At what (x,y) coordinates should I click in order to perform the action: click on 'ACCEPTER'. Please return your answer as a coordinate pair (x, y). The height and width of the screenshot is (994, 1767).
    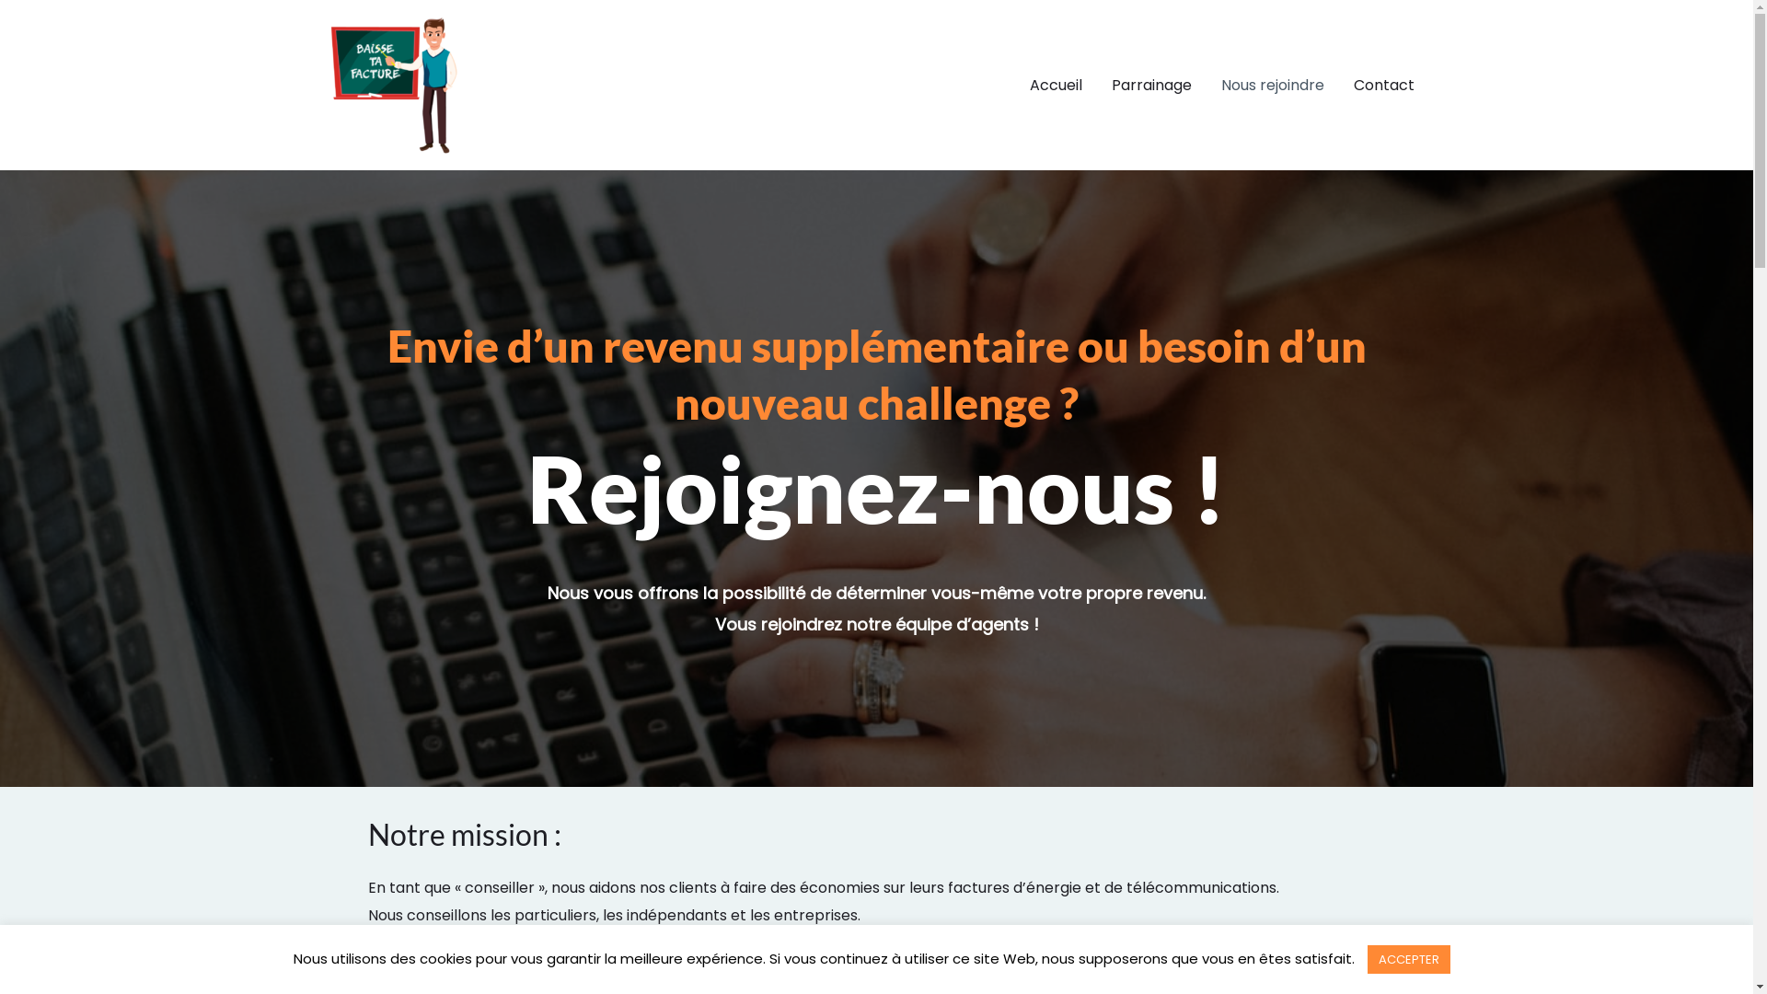
    Looking at the image, I should click on (1408, 958).